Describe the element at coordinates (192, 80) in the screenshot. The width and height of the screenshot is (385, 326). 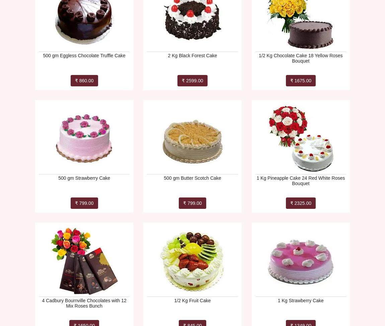
I see `'₹ 2599.00'` at that location.